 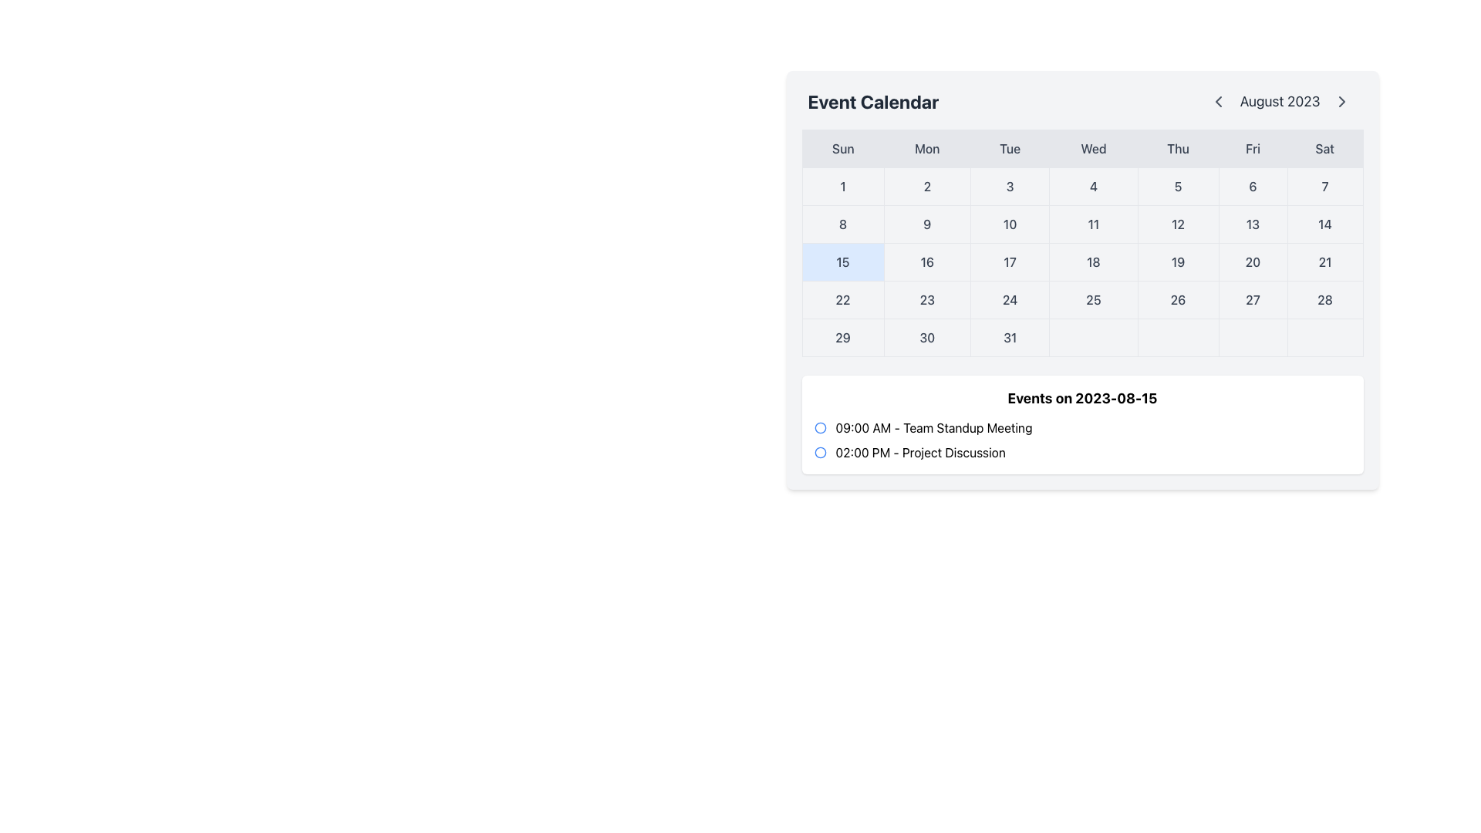 What do you see at coordinates (1092, 186) in the screenshot?
I see `the fourth button in the weekly calendar view that corresponds to day '4', located beneath the 'Wed' header` at bounding box center [1092, 186].